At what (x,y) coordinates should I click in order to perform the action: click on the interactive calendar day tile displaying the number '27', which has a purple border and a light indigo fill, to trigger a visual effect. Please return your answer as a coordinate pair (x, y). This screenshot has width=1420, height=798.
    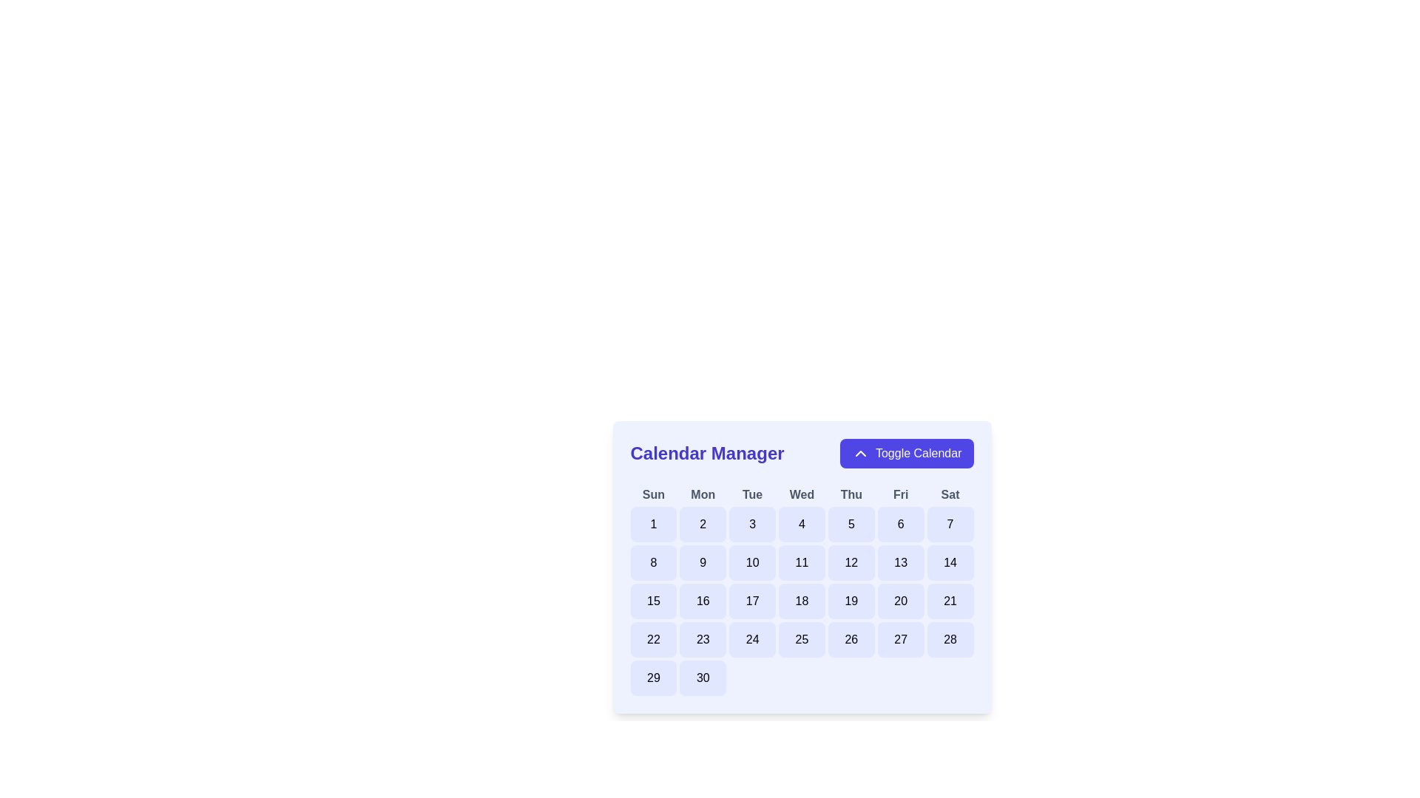
    Looking at the image, I should click on (900, 639).